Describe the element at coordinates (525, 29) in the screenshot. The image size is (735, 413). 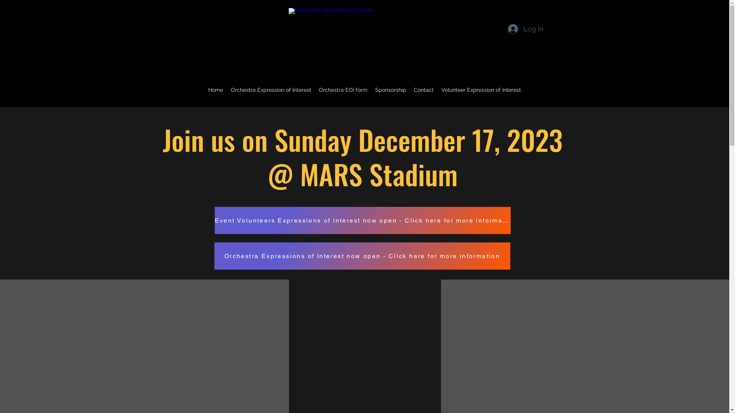
I see `'Log In'` at that location.